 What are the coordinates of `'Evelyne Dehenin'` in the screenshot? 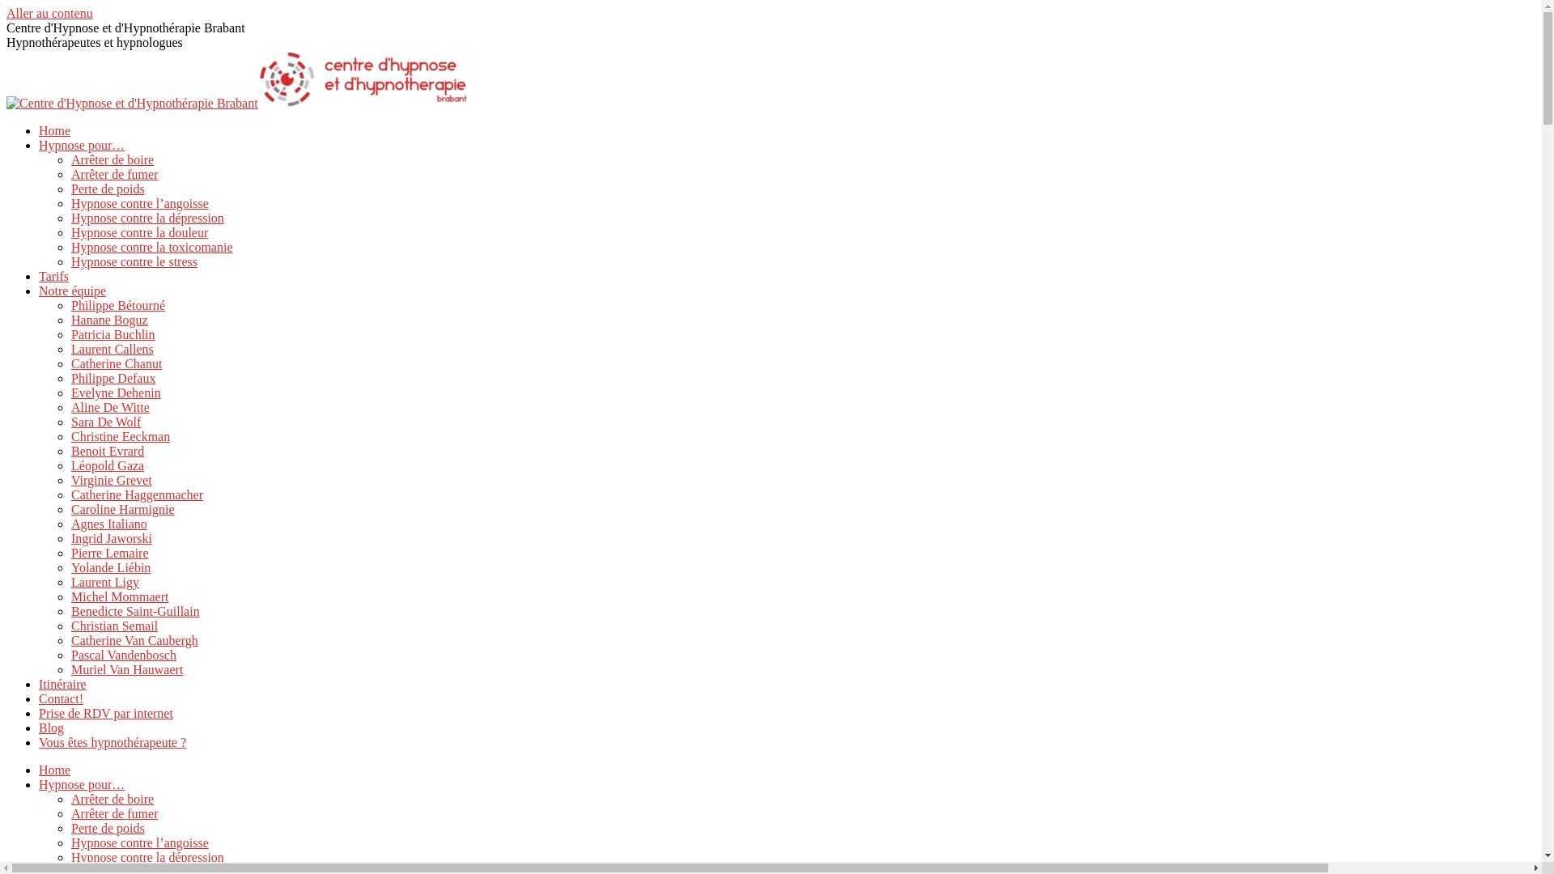 It's located at (70, 392).